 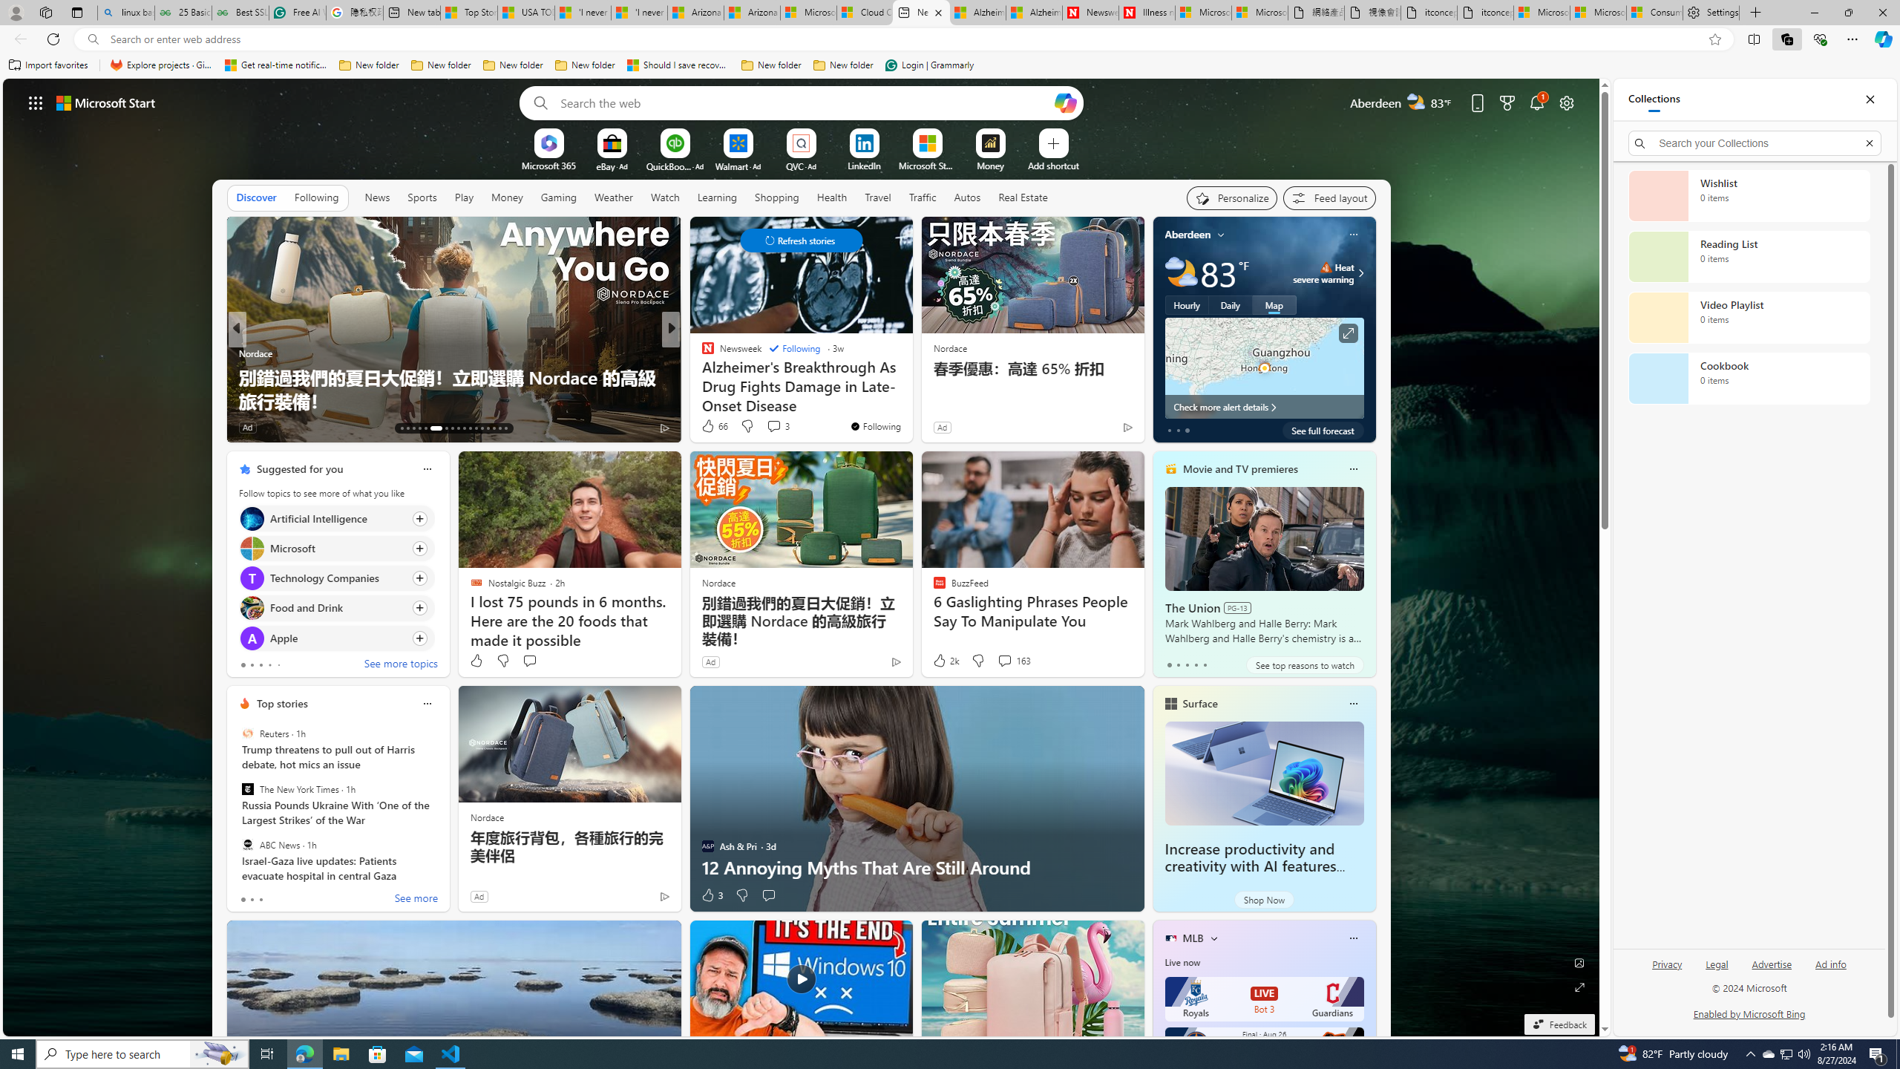 What do you see at coordinates (717, 197) in the screenshot?
I see `'Learning'` at bounding box center [717, 197].